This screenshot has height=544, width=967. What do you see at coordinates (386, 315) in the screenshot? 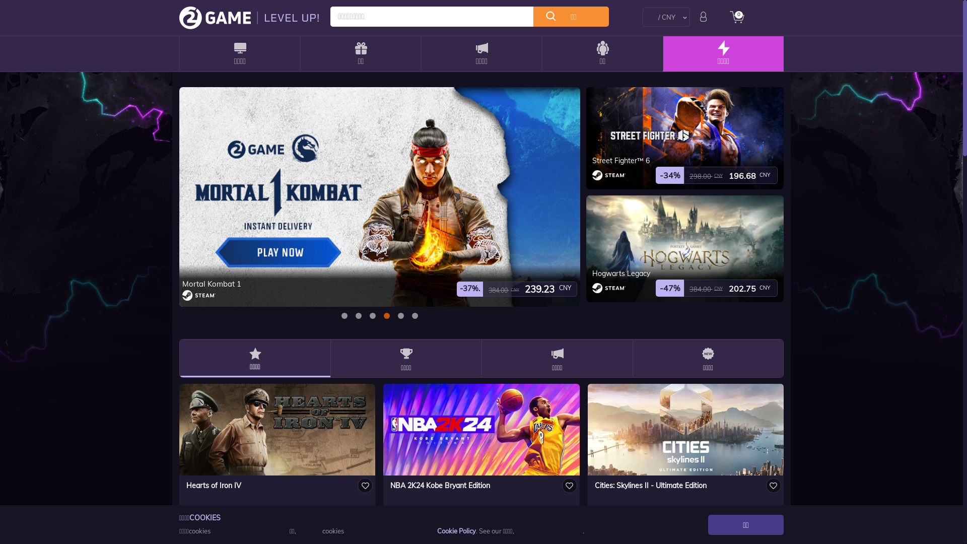
I see `'3'` at bounding box center [386, 315].